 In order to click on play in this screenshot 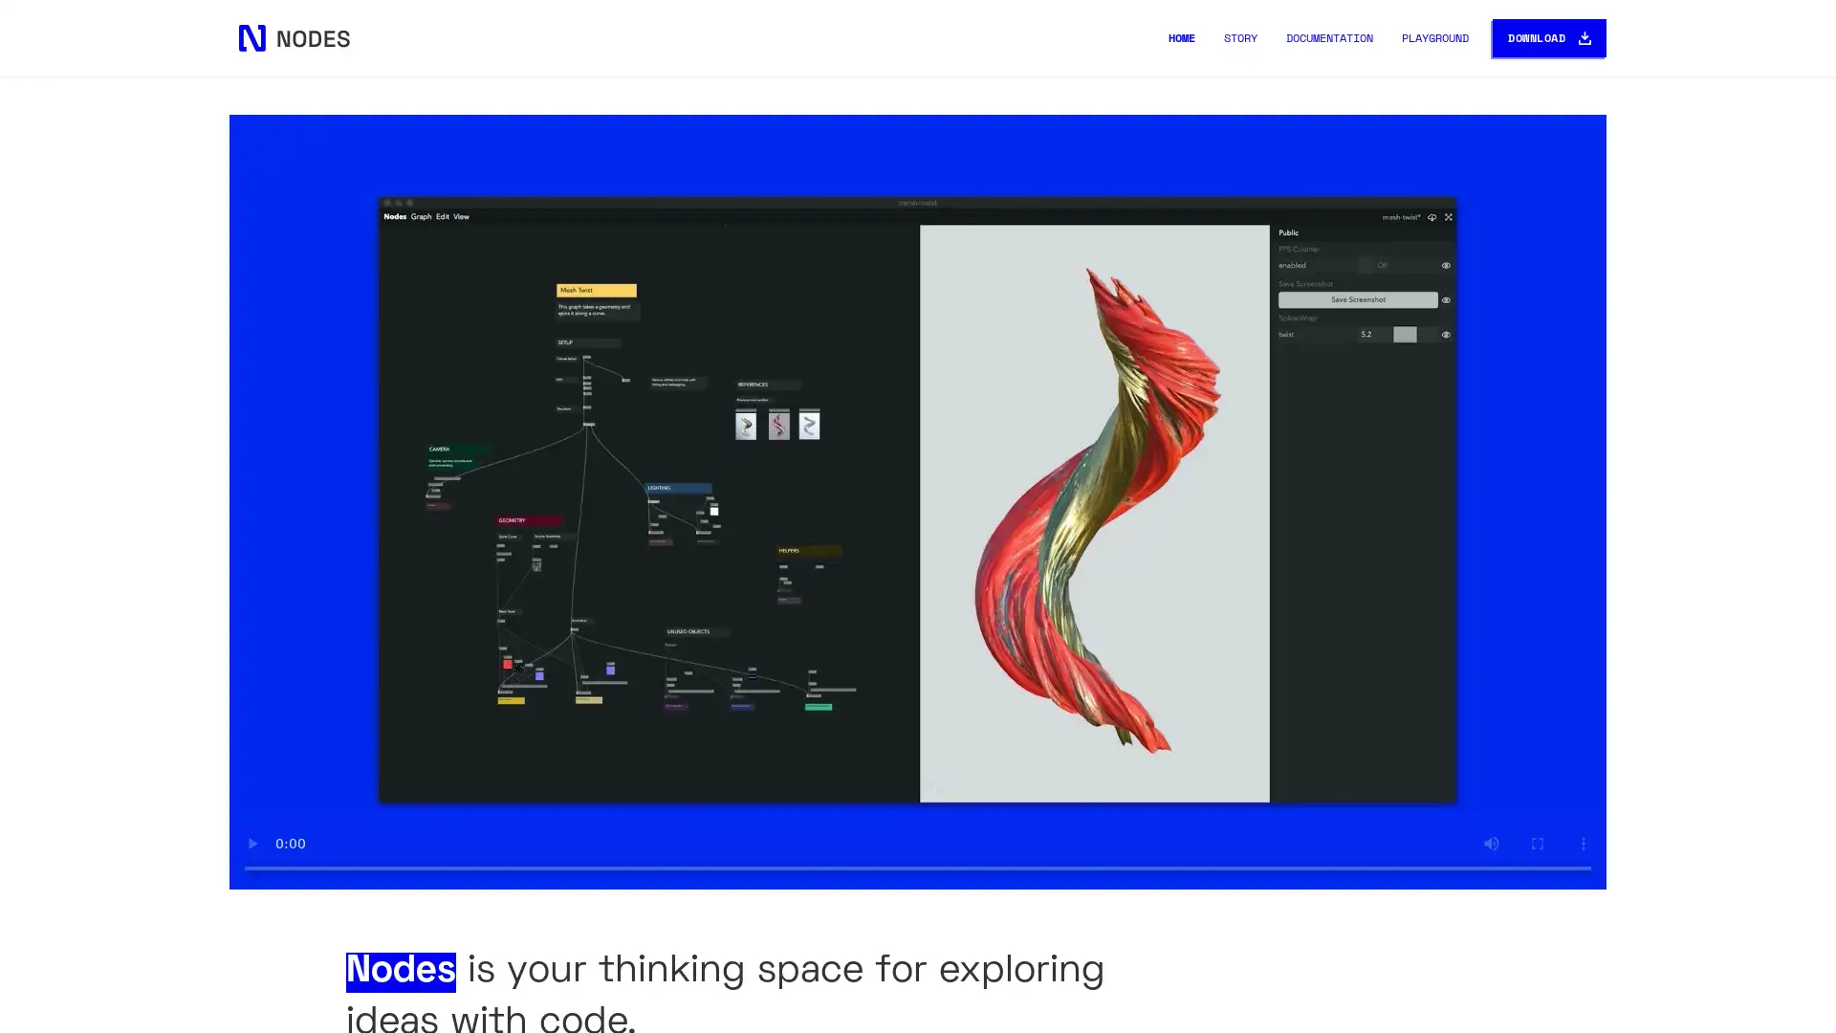, I will do `click(251, 843)`.